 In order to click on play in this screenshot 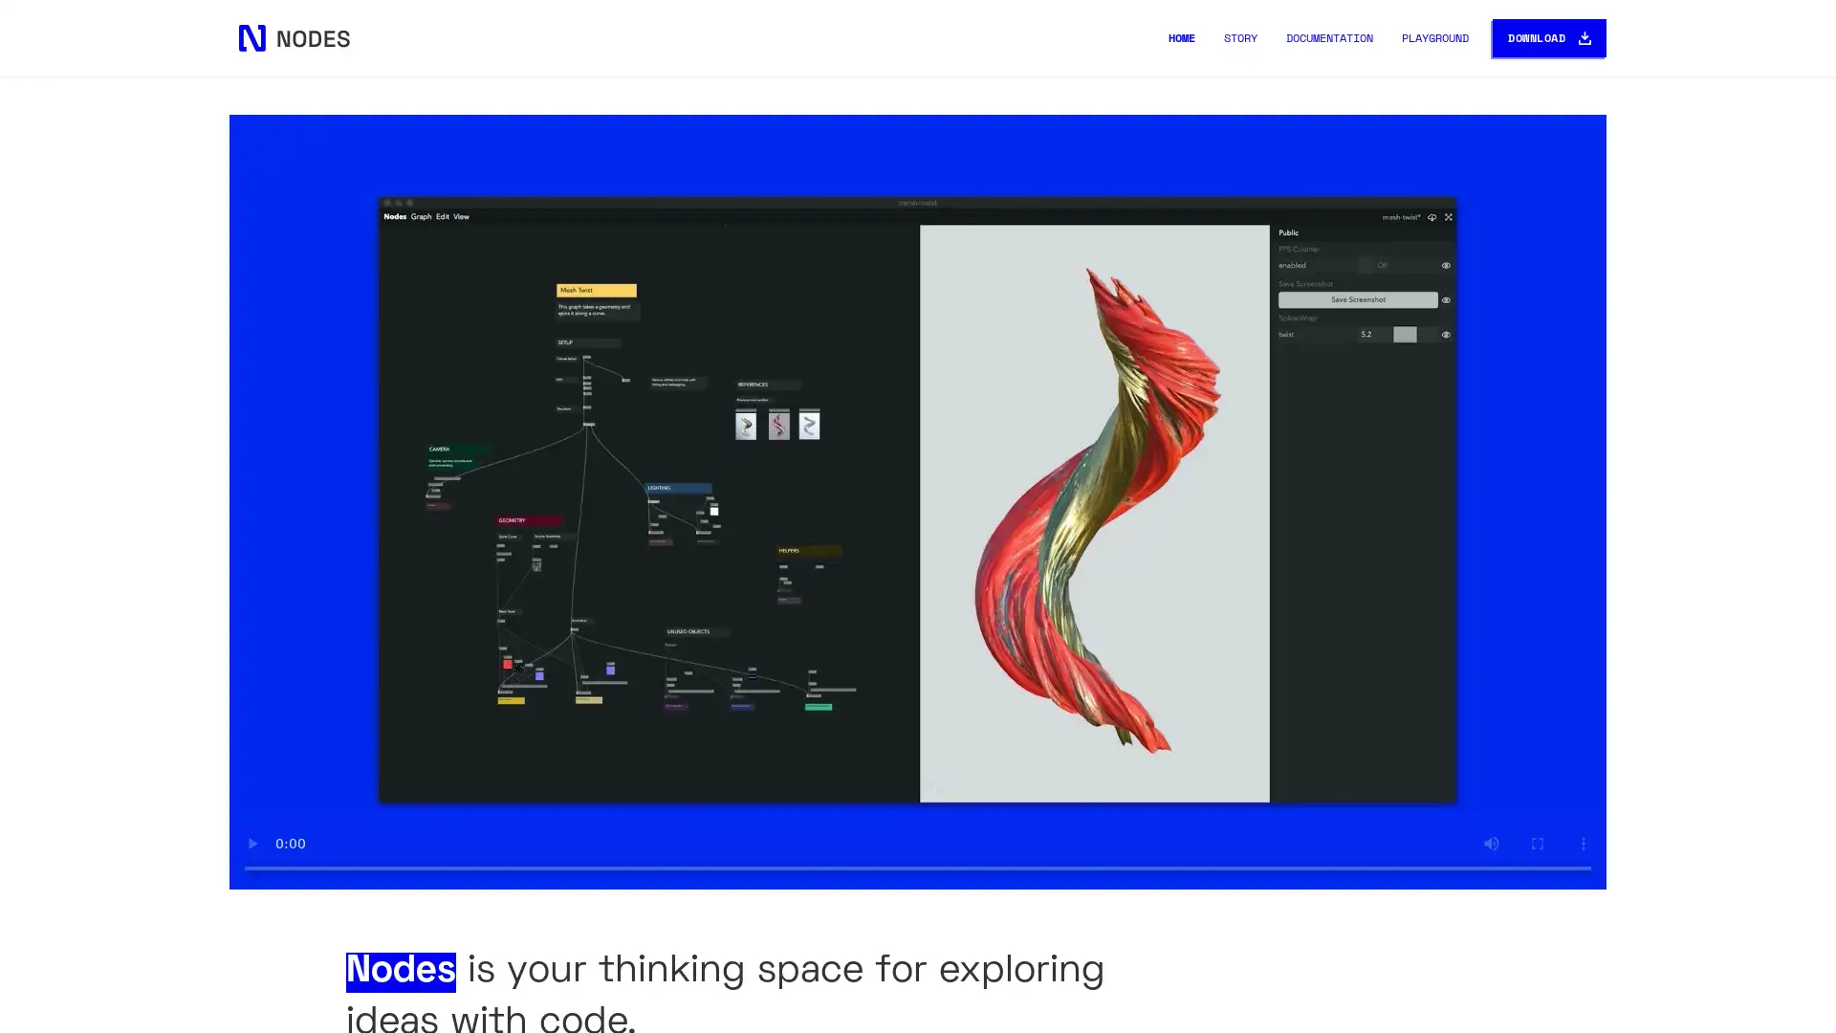, I will do `click(251, 843)`.